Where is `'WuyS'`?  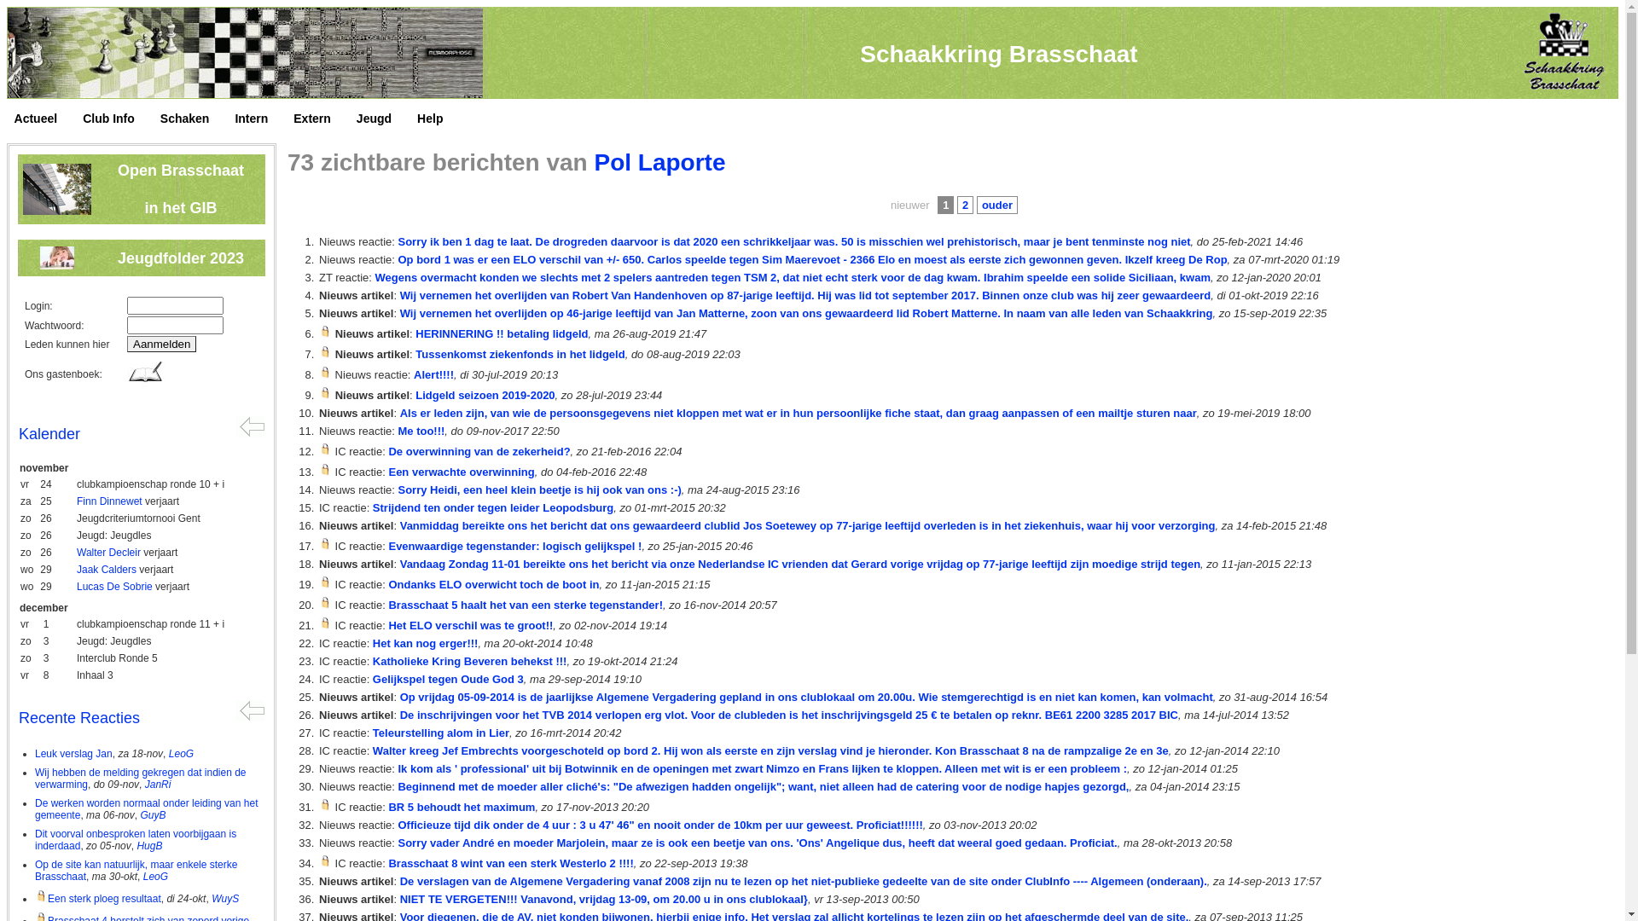
'WuyS' is located at coordinates (211, 897).